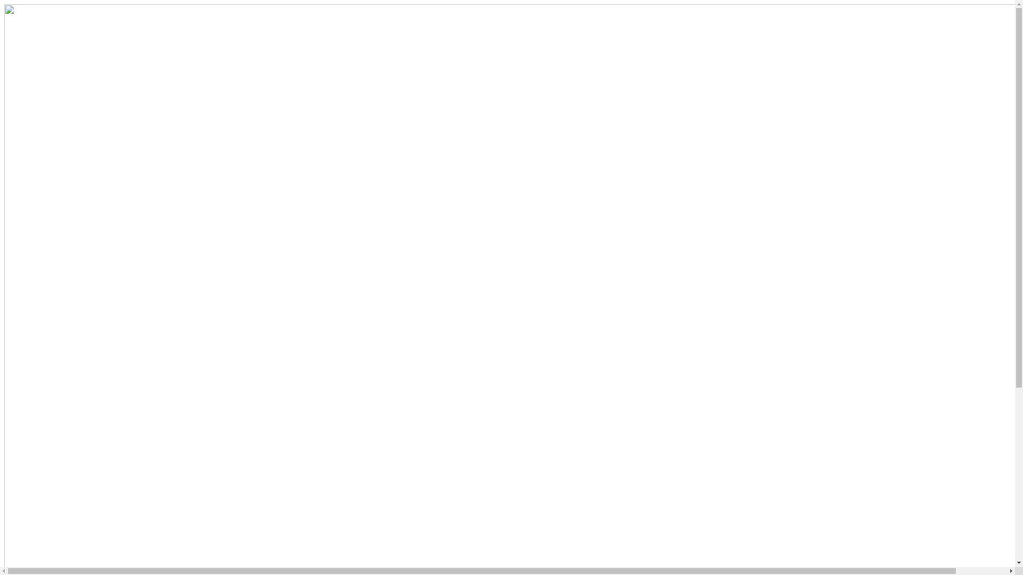 The image size is (1023, 575). What do you see at coordinates (3, 4) in the screenshot?
I see `'Skip to content'` at bounding box center [3, 4].